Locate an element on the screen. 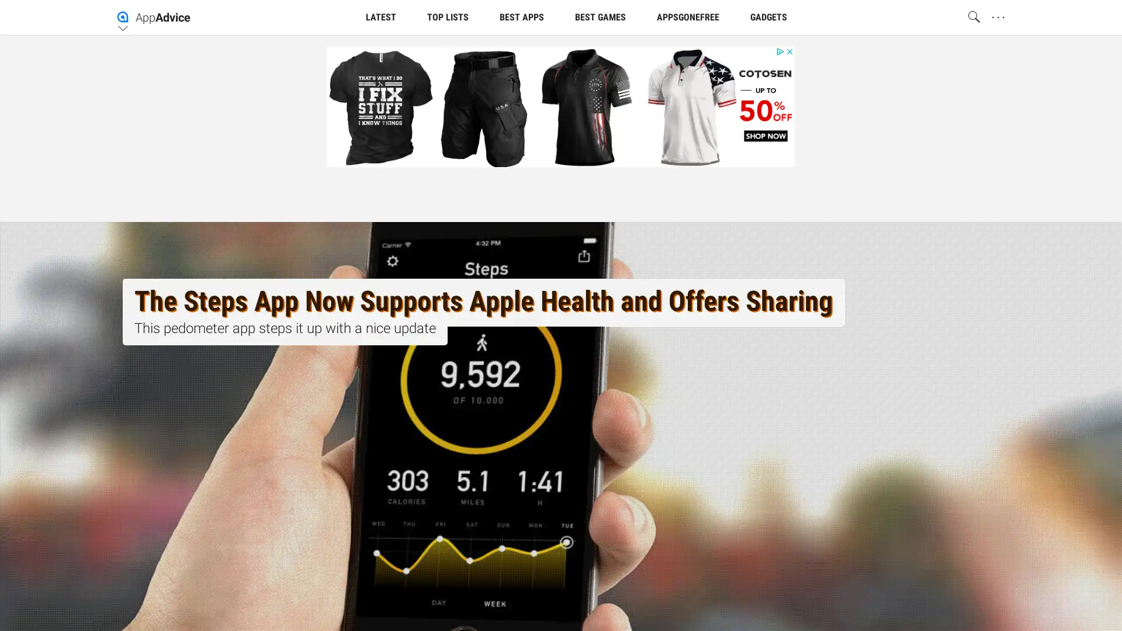  TV Collections is located at coordinates (572, 110).